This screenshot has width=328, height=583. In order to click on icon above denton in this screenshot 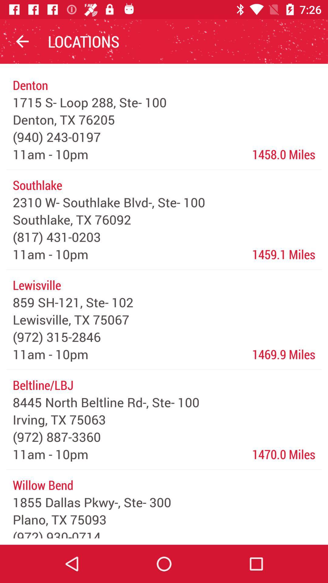, I will do `click(22, 41)`.